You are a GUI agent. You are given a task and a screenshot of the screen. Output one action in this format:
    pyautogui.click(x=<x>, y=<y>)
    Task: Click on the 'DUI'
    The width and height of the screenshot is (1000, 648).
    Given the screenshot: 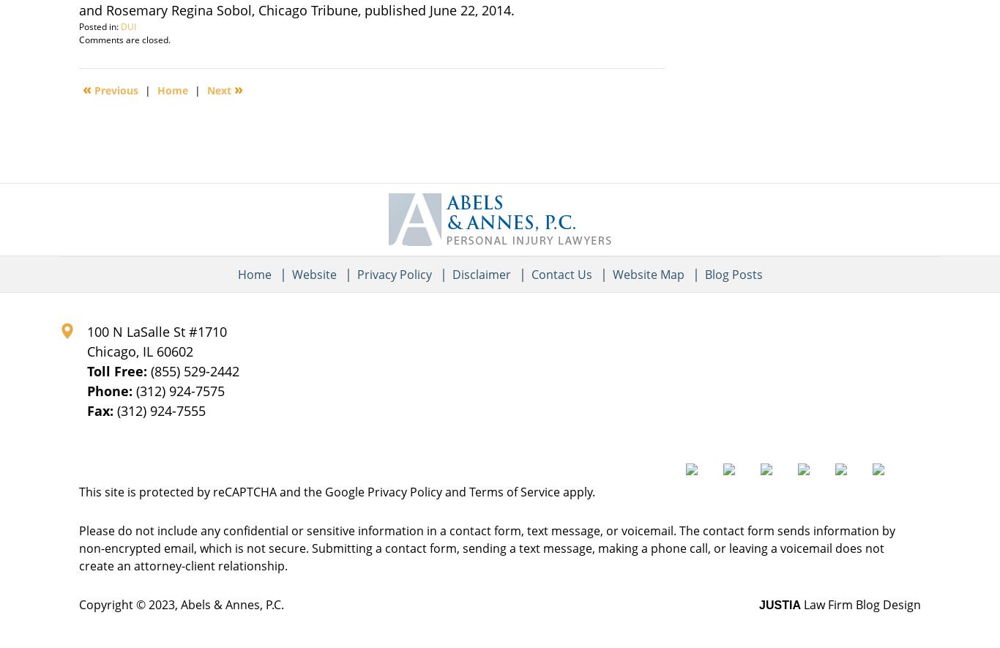 What is the action you would take?
    pyautogui.click(x=120, y=26)
    